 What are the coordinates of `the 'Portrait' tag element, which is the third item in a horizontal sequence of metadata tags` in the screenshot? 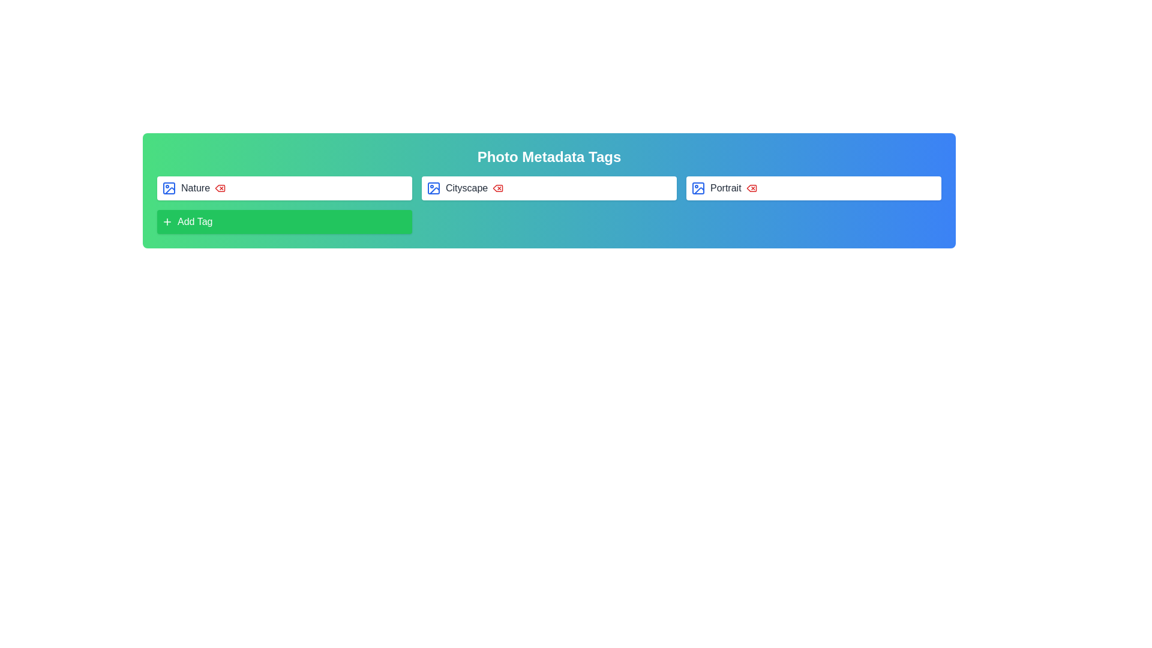 It's located at (814, 188).